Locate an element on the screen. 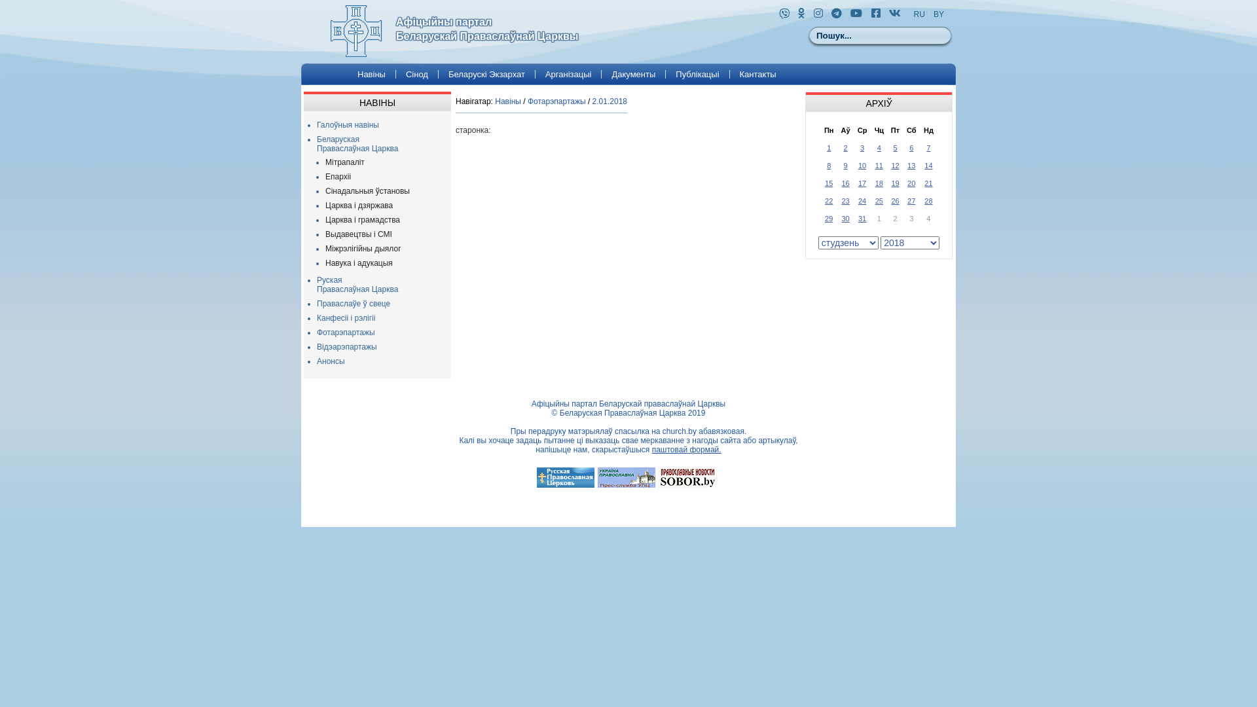  '14' is located at coordinates (927, 164).